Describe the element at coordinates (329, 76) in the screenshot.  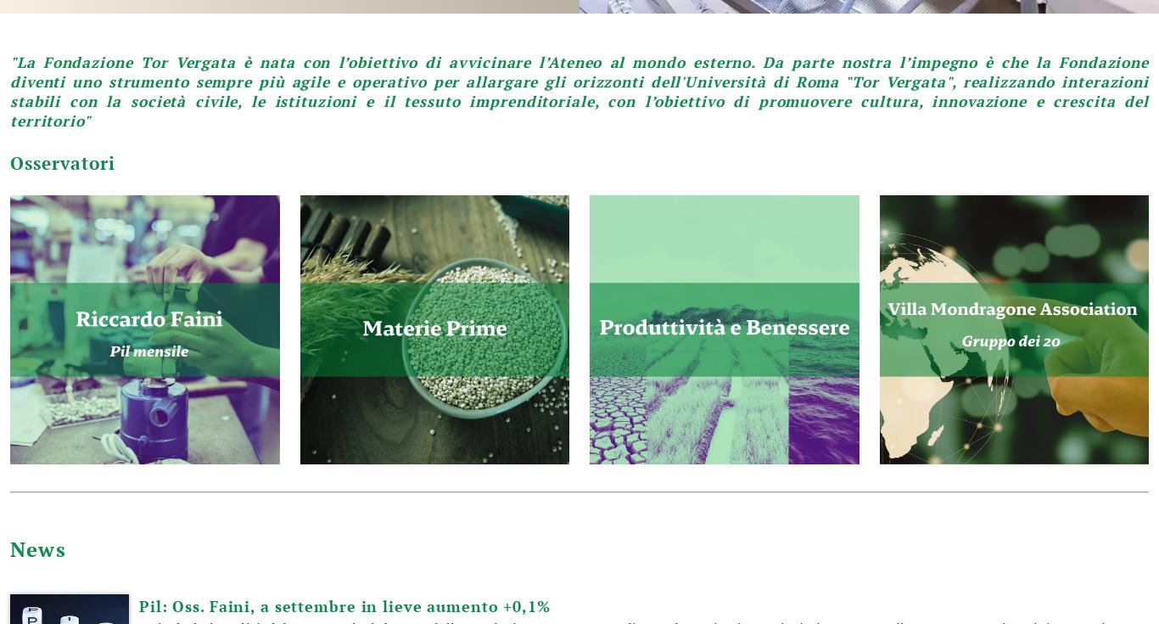
I see `'Workshop organizzato dal Dipartimento del Tesoro del Ministero dell’Economia e Finanze e dalla Fondazione Tor Vergata - Osservatorio Riccardo Faini'` at that location.